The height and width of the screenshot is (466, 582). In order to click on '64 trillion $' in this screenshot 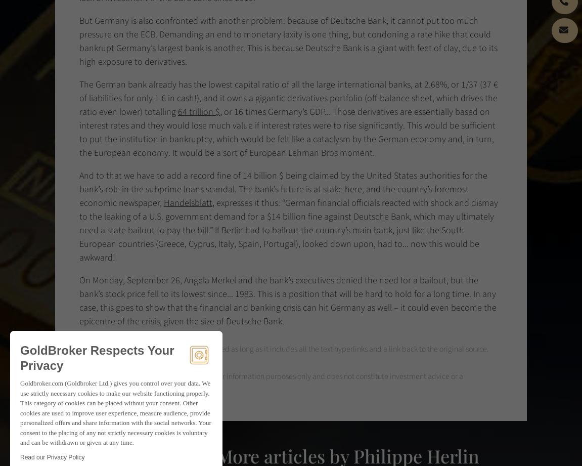, I will do `click(198, 111)`.